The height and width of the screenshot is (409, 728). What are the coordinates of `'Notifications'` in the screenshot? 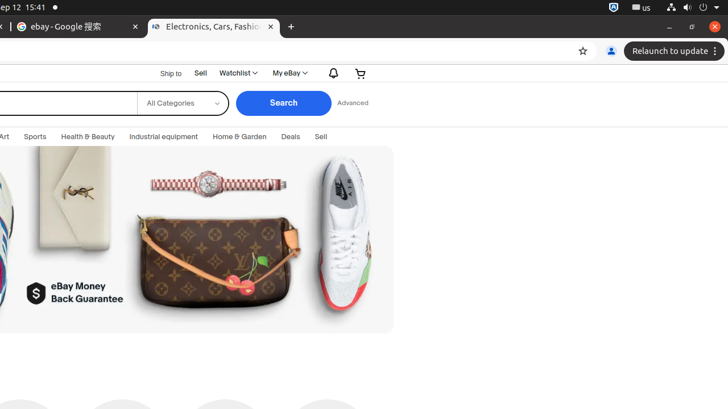 It's located at (330, 73).